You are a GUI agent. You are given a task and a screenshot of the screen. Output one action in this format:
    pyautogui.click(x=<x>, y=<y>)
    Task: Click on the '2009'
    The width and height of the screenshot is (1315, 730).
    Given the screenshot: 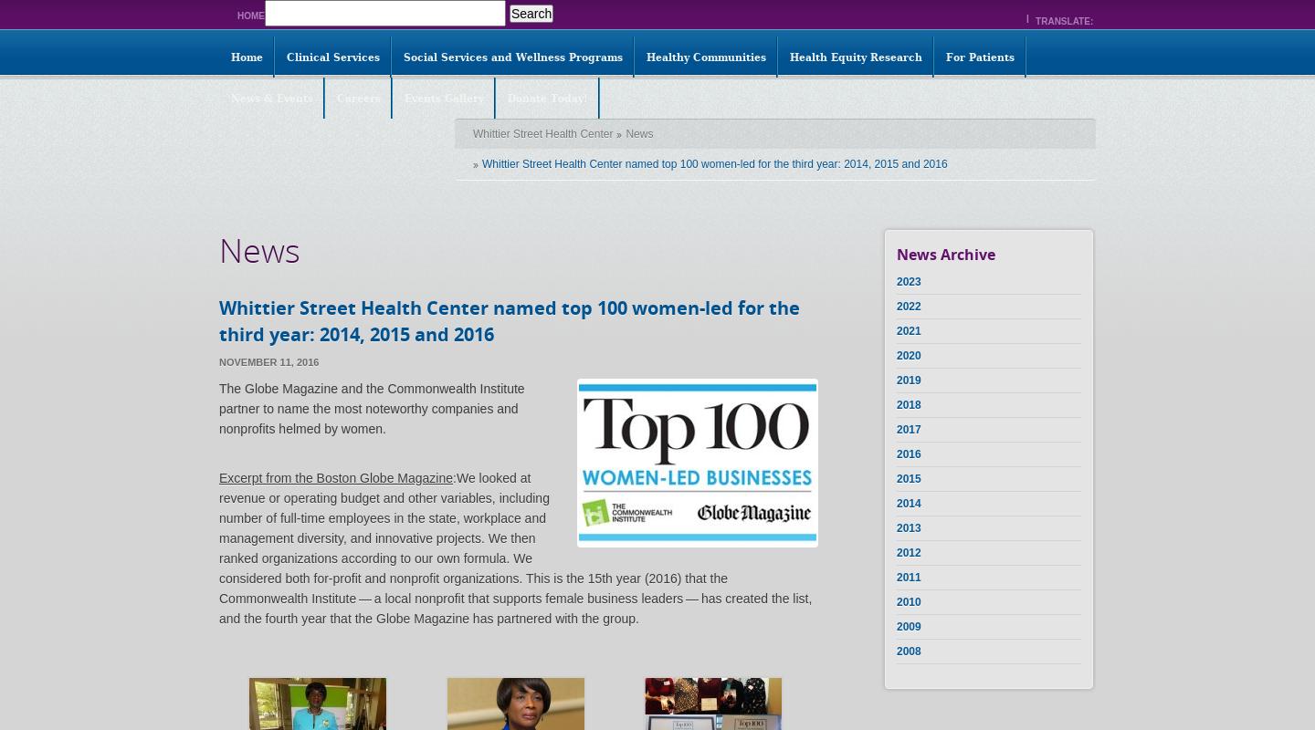 What is the action you would take?
    pyautogui.click(x=908, y=627)
    